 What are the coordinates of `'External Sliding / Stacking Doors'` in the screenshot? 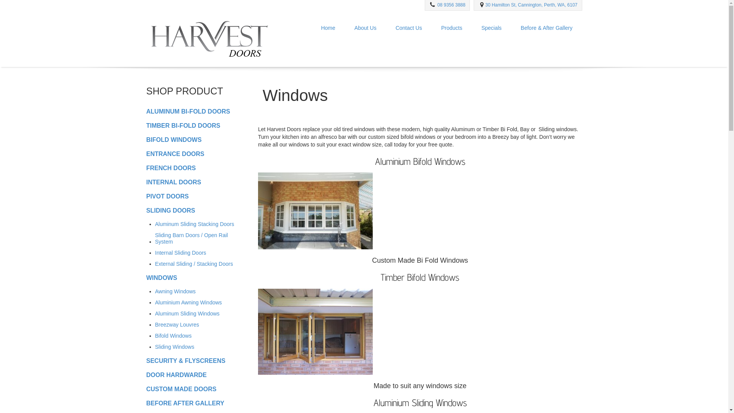 It's located at (194, 263).